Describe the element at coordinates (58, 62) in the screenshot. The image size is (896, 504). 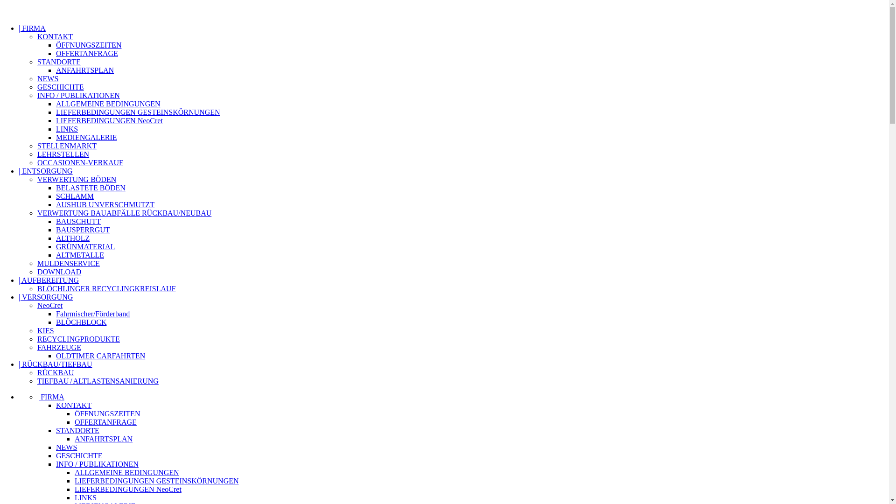
I see `'STANDORTE'` at that location.